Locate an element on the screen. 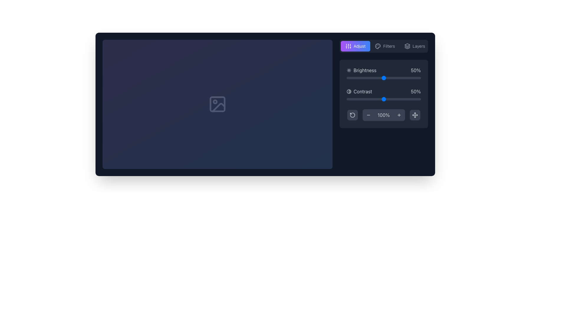 This screenshot has width=566, height=318. the 'Contrast' label which features a light gray text and a hollow circular icon, located on the right side of the interface below the 'Brightness' section is located at coordinates (359, 92).